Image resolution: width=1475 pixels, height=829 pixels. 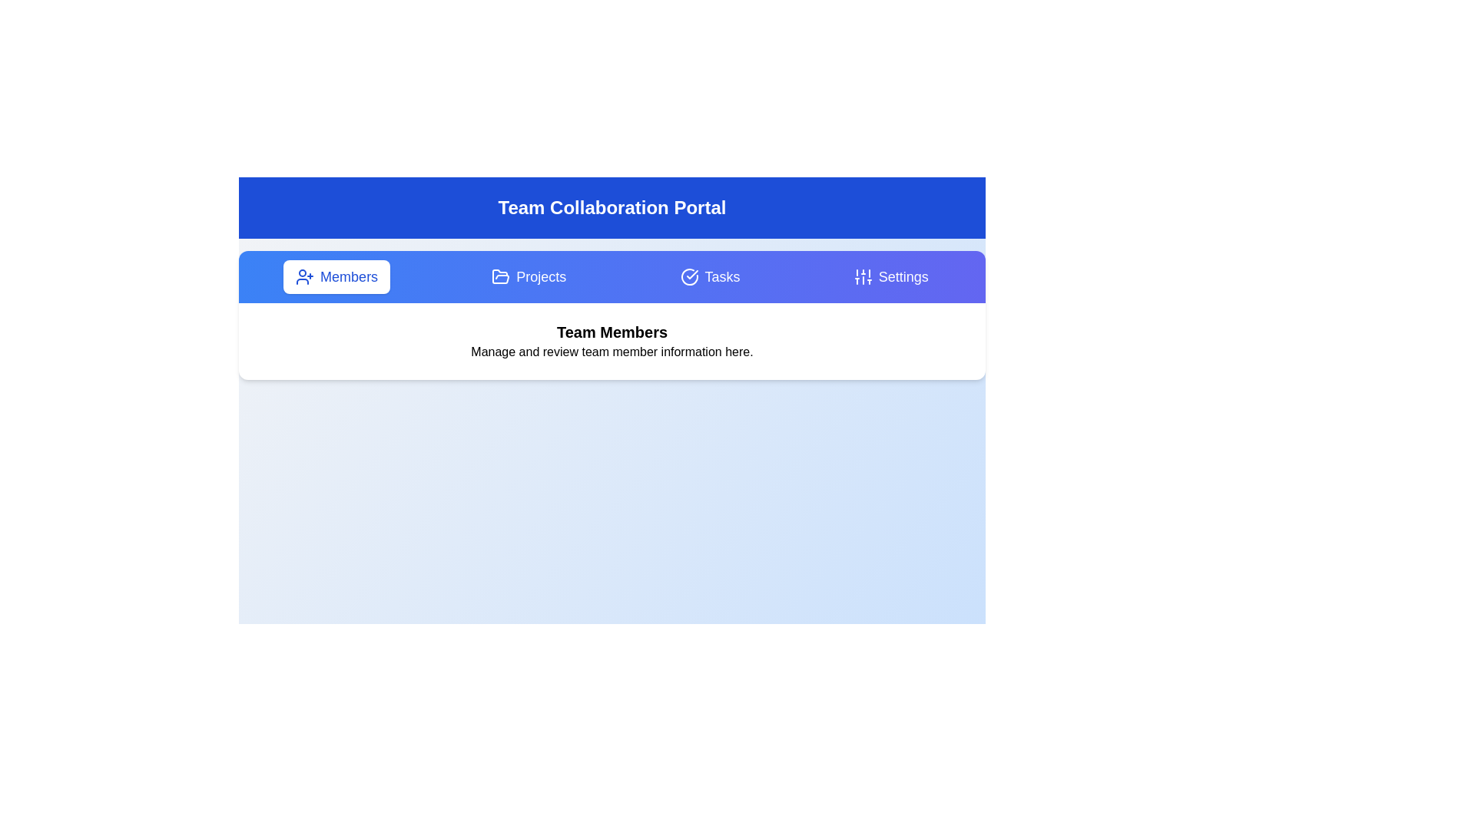 What do you see at coordinates (348, 277) in the screenshot?
I see `the 'Members' text label within the button component located in the navigation bar` at bounding box center [348, 277].